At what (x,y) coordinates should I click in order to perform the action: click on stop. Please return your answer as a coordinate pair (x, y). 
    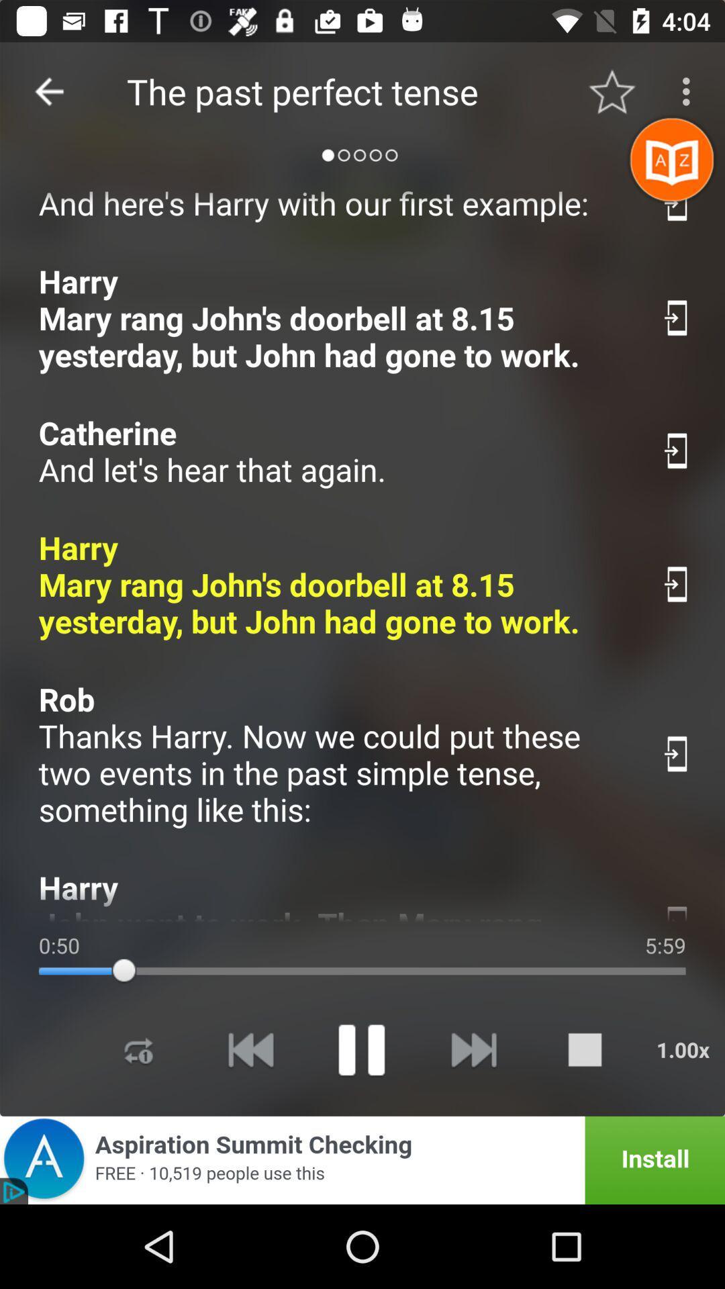
    Looking at the image, I should click on (584, 1049).